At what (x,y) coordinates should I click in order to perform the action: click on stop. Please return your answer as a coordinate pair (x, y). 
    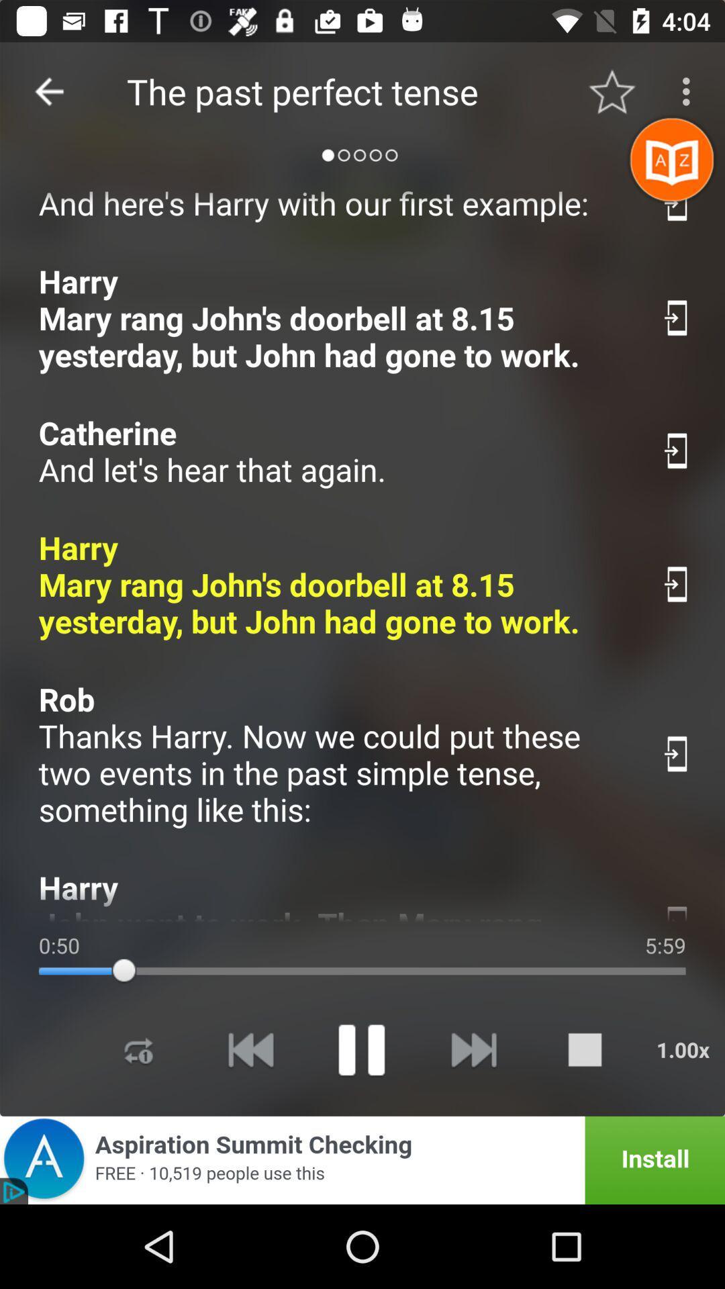
    Looking at the image, I should click on (584, 1049).